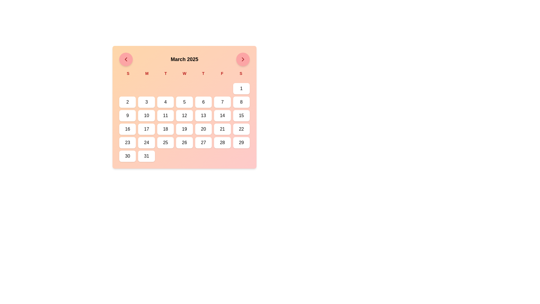  I want to click on the red-colored letter 'S', which is the first item in a sequence of seven letters (S M T W T F S) in the calendar interface, so click(128, 73).